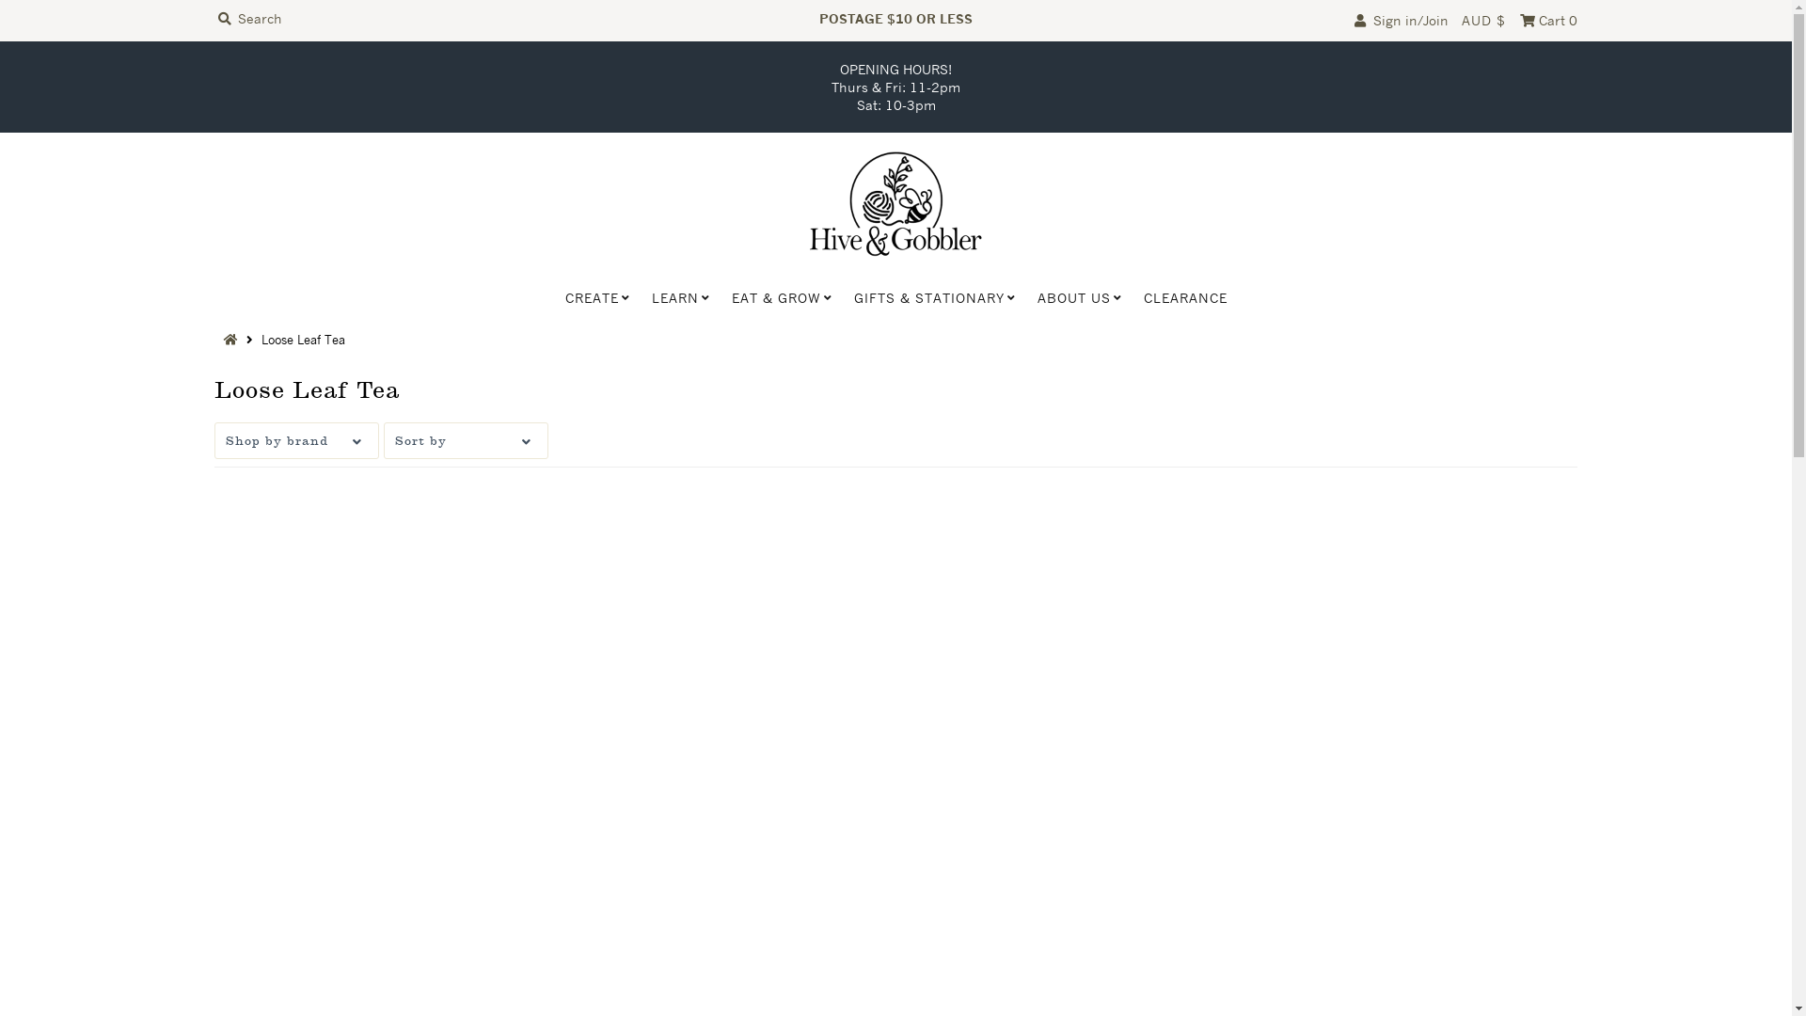  I want to click on 'LEARN', so click(675, 296).